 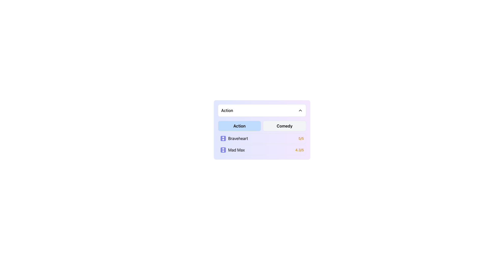 What do you see at coordinates (299, 150) in the screenshot?
I see `the Text Label that displays the rating for the movie 'Mad Max', located in the right part of its row` at bounding box center [299, 150].